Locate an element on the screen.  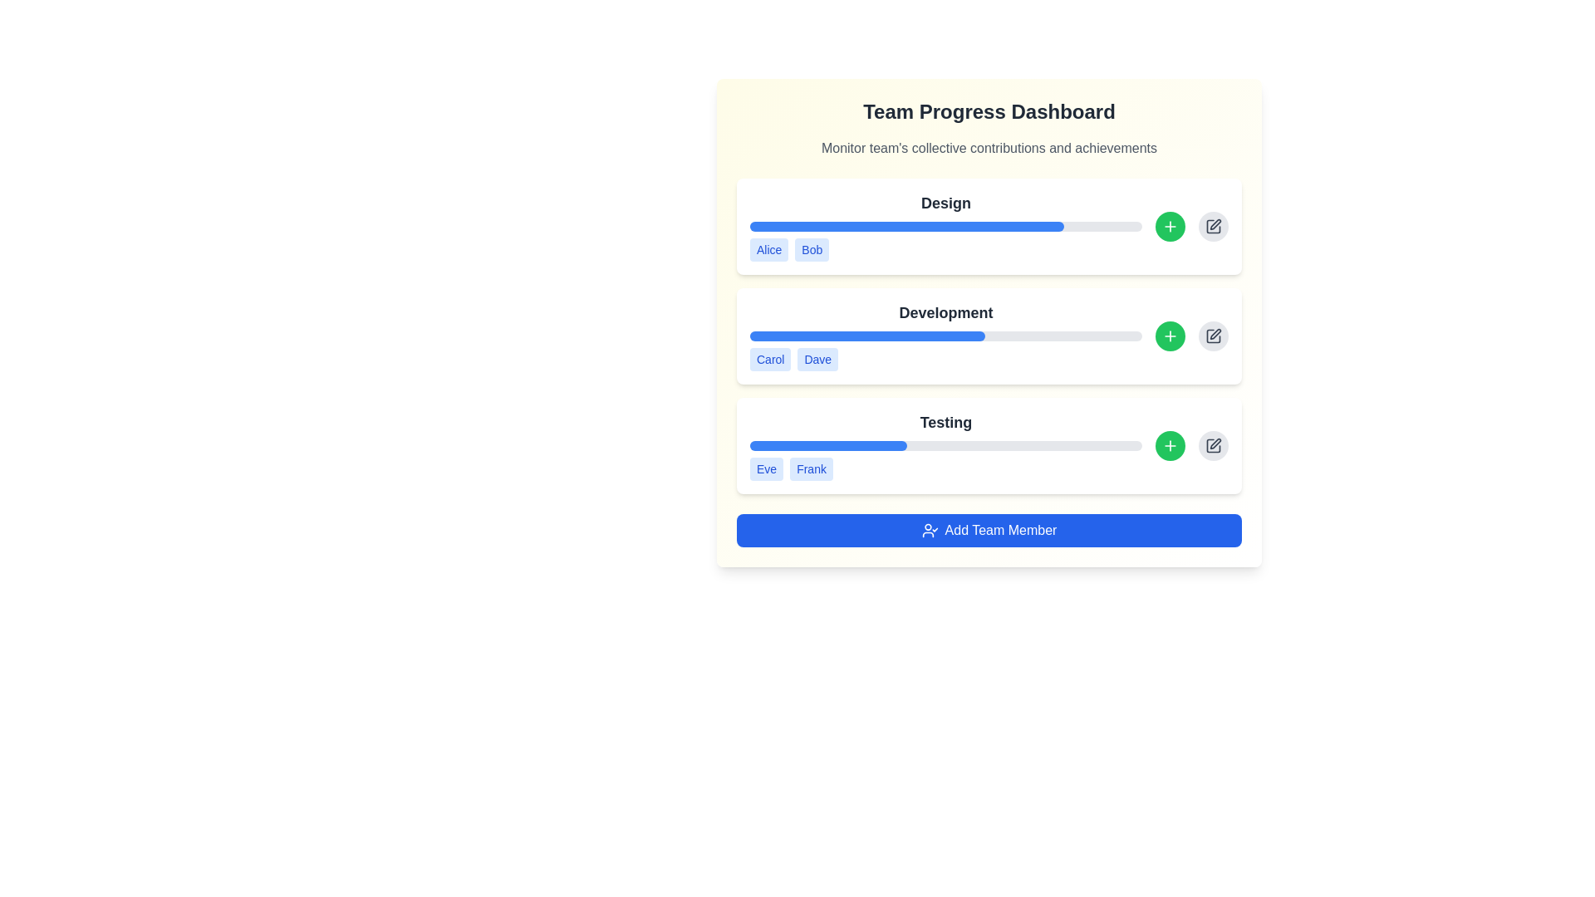
the rounded rectangular badge with a blue background and bold text reading 'Carol', located in the 'Development' section of the dashboard, to the left of the badge labeled 'Dave' is located at coordinates (769, 358).